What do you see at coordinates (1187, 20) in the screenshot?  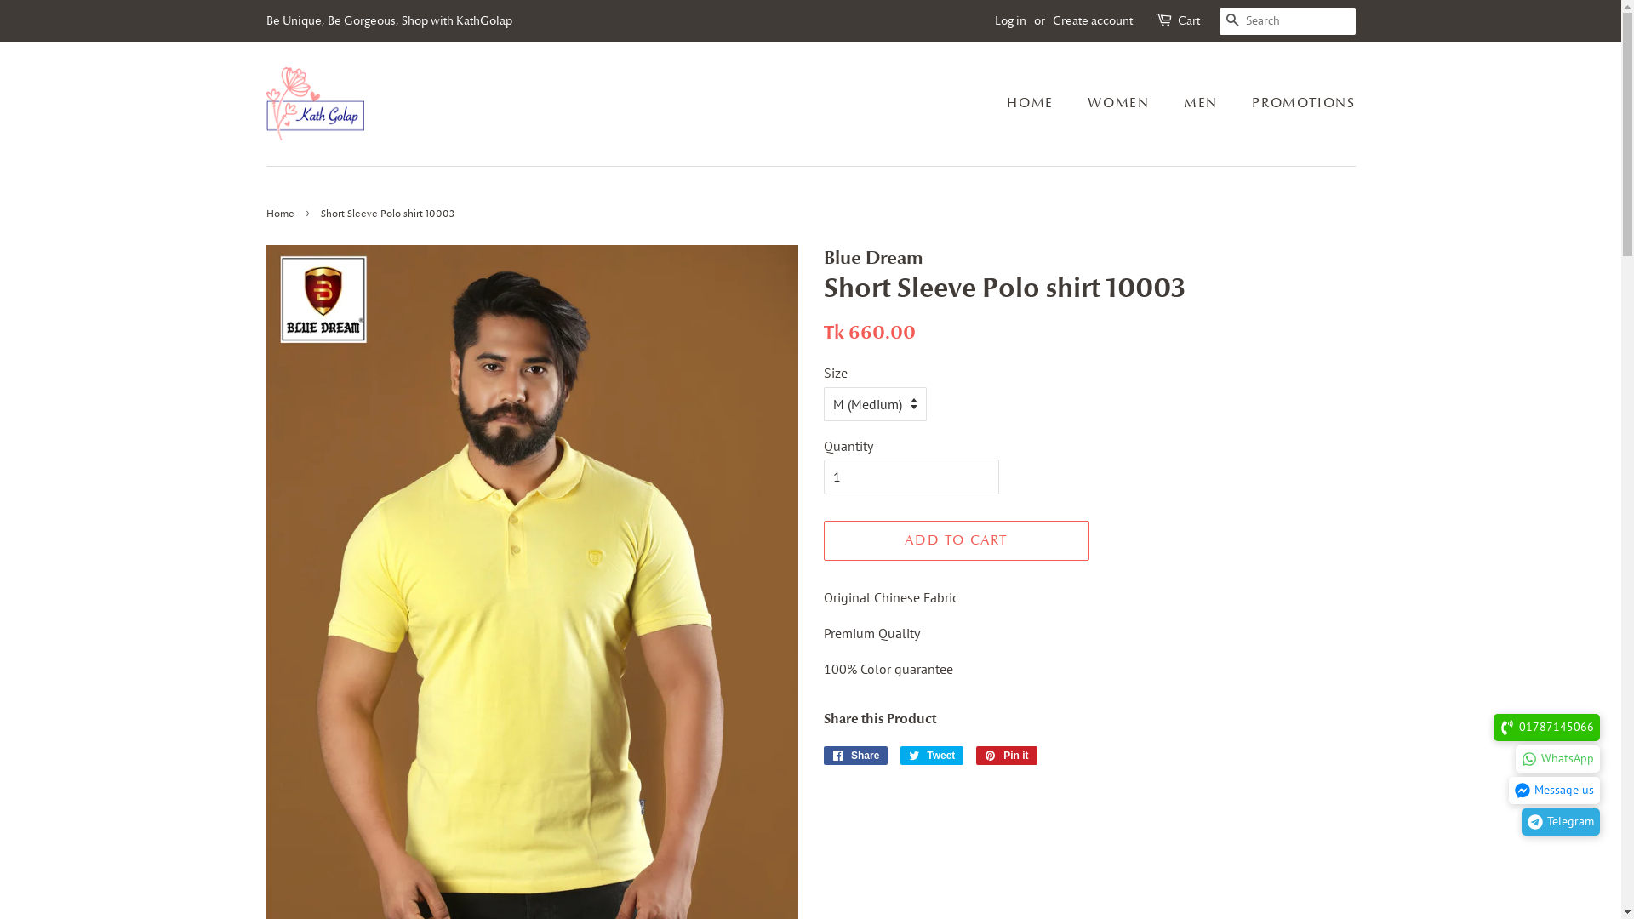 I see `'Cart'` at bounding box center [1187, 20].